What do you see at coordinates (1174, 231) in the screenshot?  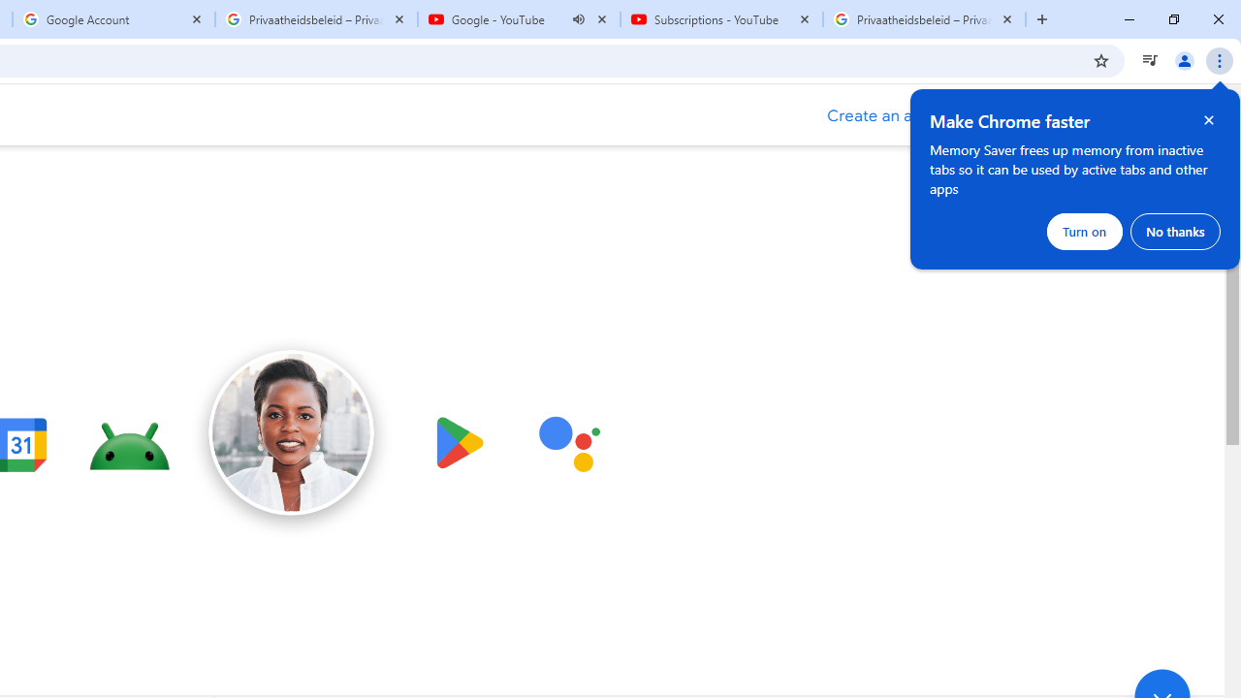 I see `'No thanks'` at bounding box center [1174, 231].